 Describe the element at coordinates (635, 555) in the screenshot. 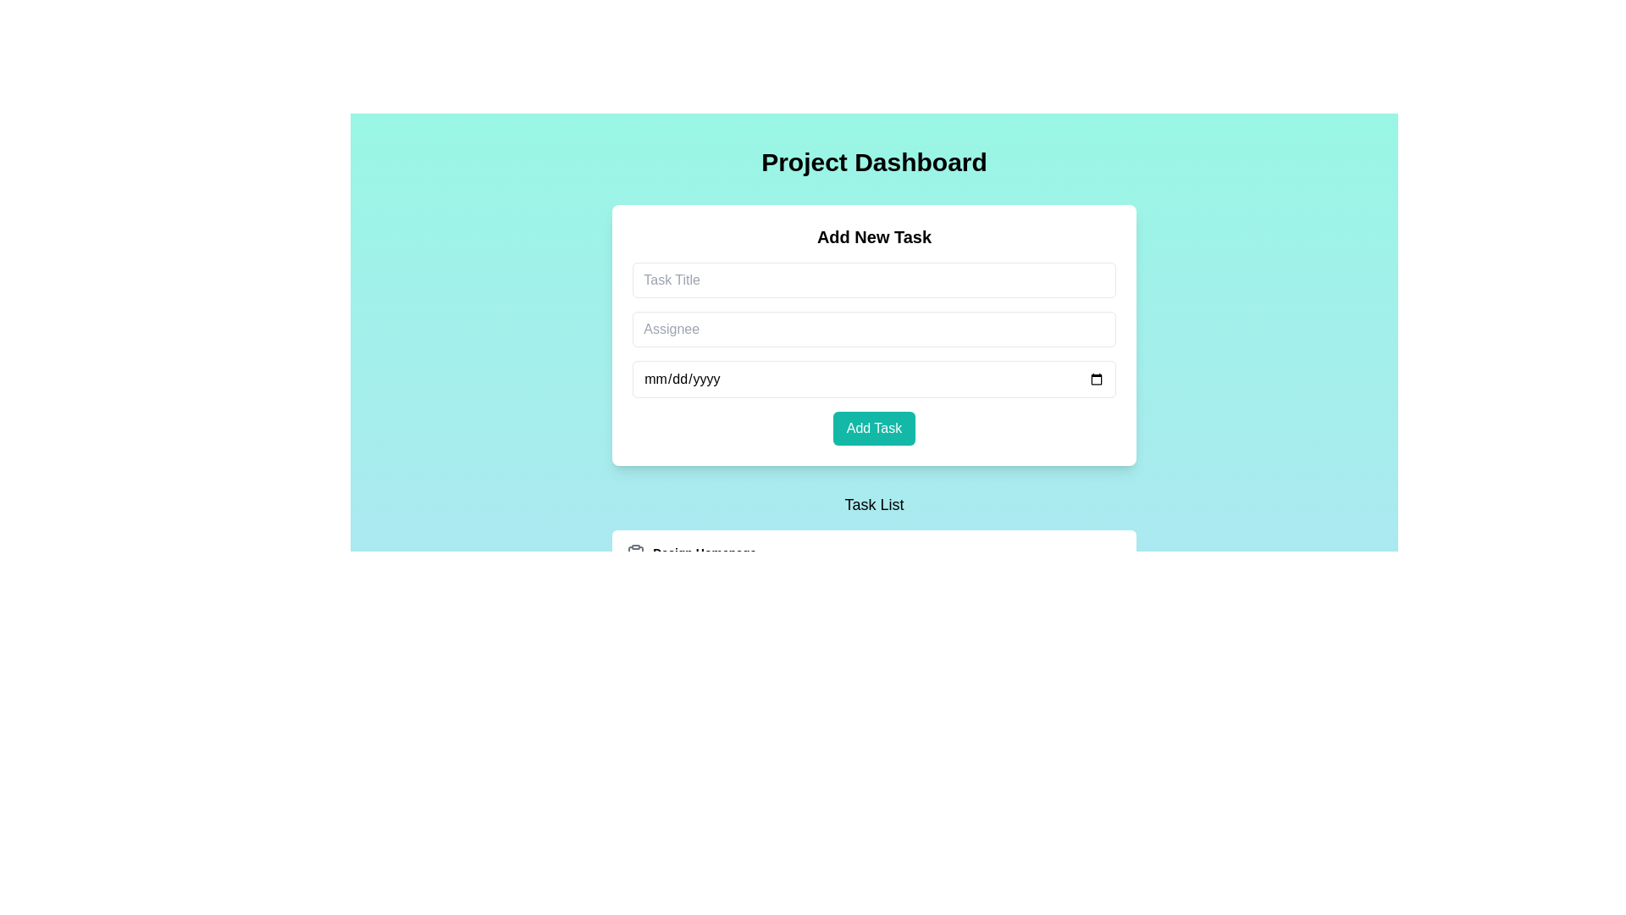

I see `the clipboard icon, which is a vector graphic resembling a compact clipboard with a rectangular shape and top clip, located beside the task title in the Task List section of the dashboard` at that location.